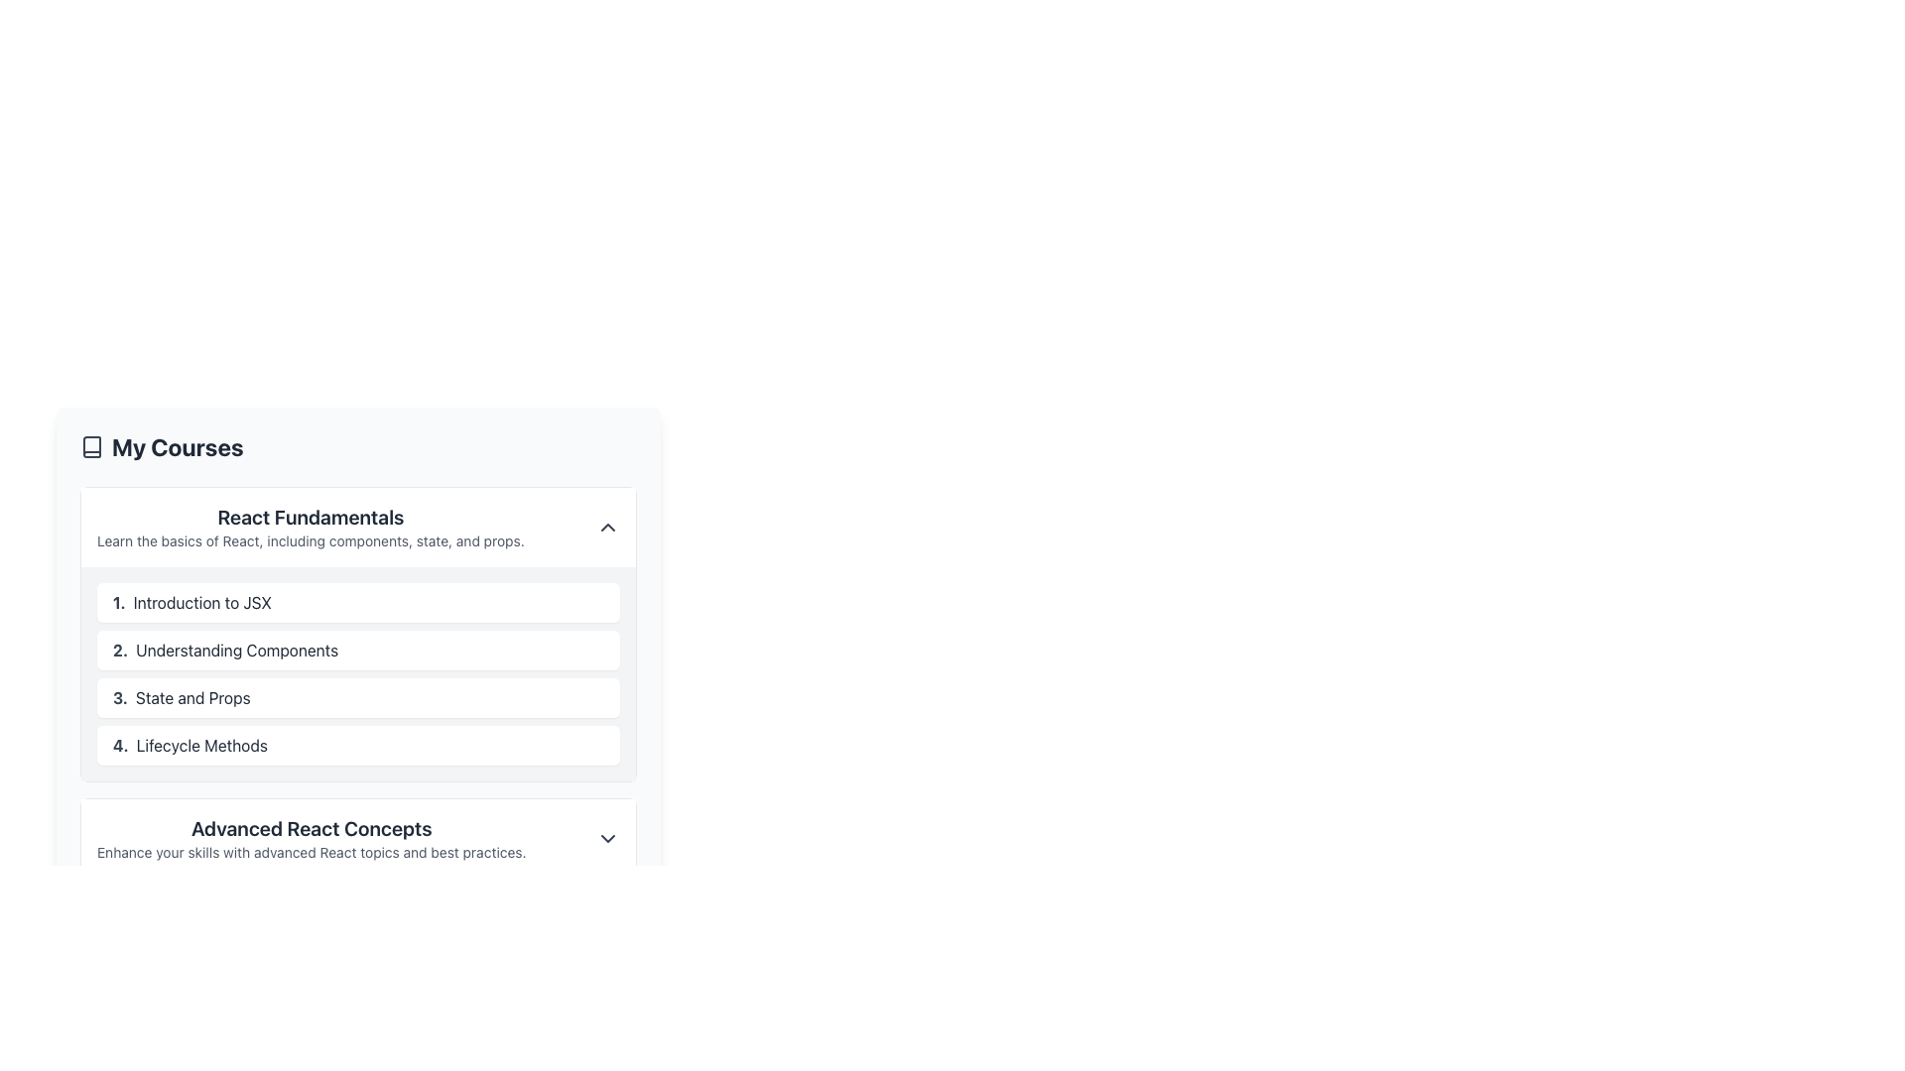 The width and height of the screenshot is (1905, 1071). Describe the element at coordinates (311, 838) in the screenshot. I see `the text block displaying the course title 'Advanced React Concepts' to possibly reveal additional information` at that location.